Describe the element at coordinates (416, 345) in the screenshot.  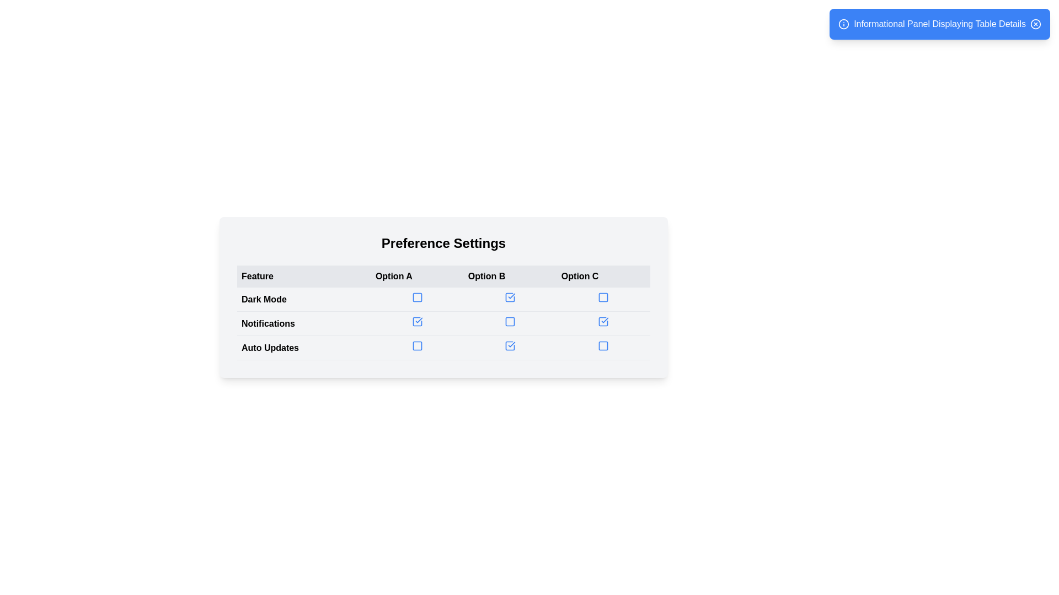
I see `the checkbox for 'Option A' under 'Auto Updates'` at that location.